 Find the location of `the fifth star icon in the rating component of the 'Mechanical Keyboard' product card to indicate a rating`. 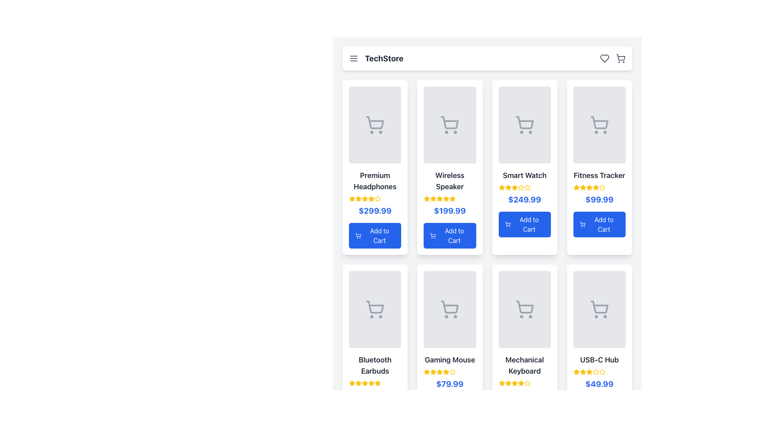

the fifth star icon in the rating component of the 'Mechanical Keyboard' product card to indicate a rating is located at coordinates (521, 383).